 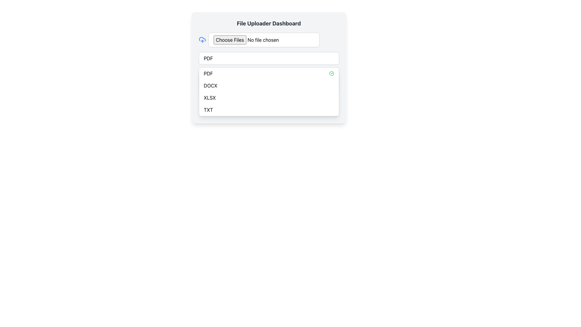 What do you see at coordinates (268, 92) in the screenshot?
I see `the dropdown menu` at bounding box center [268, 92].